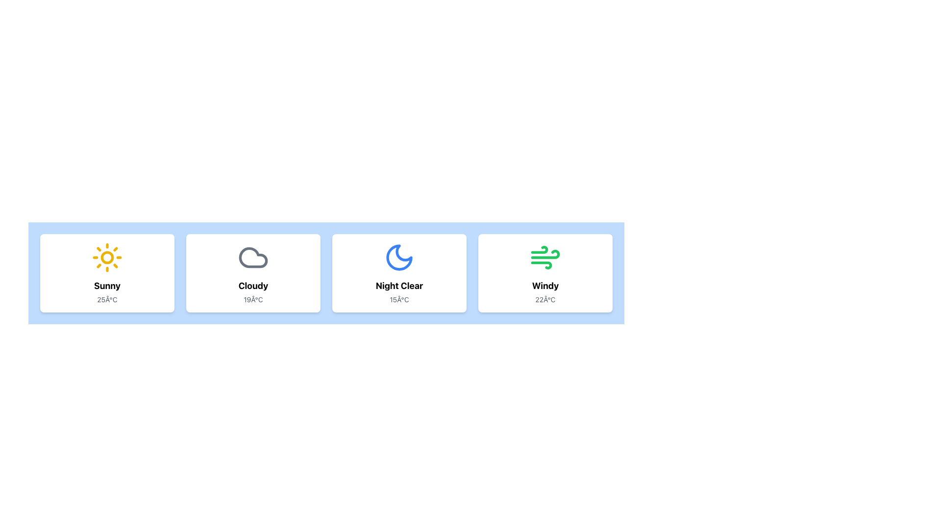 The width and height of the screenshot is (941, 529). I want to click on the temperature display text label located at the bottom of the 'Night Clear' card, which shows the current temperature value, so click(399, 299).